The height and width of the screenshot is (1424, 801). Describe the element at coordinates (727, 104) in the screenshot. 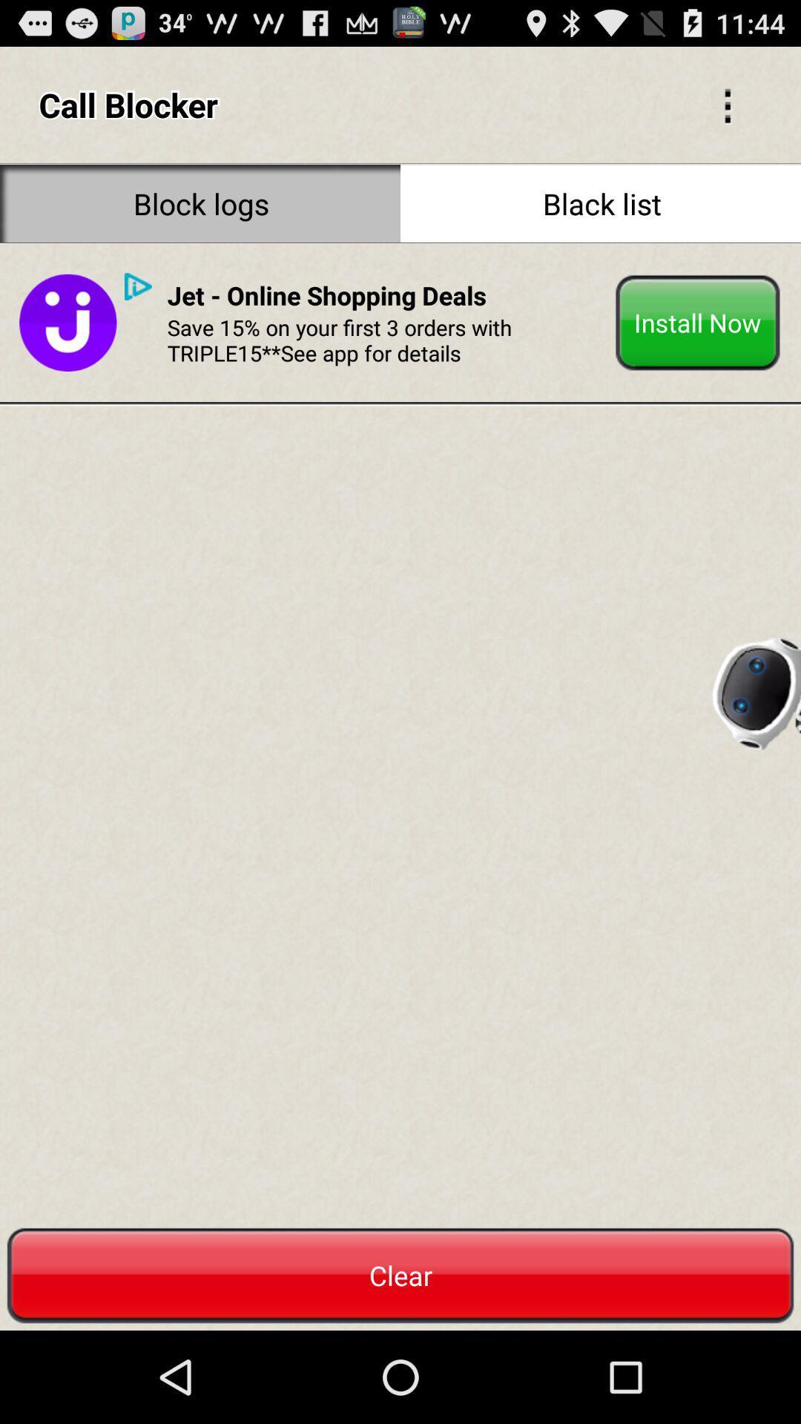

I see `icon to the right of call blocker icon` at that location.